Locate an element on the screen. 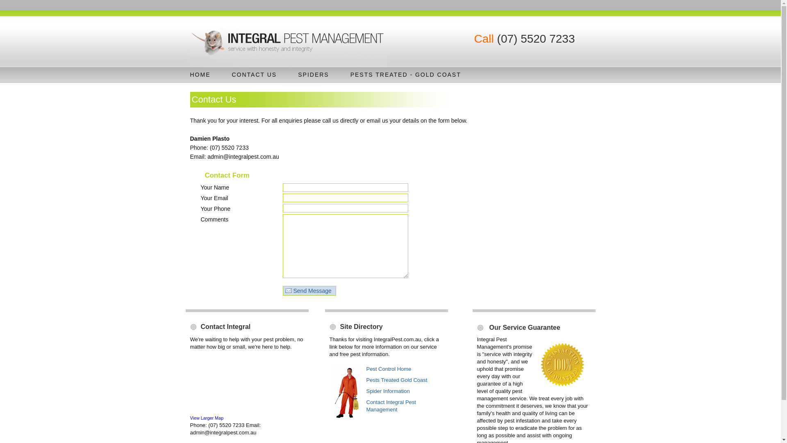  'SPIDERS' is located at coordinates (293, 74).